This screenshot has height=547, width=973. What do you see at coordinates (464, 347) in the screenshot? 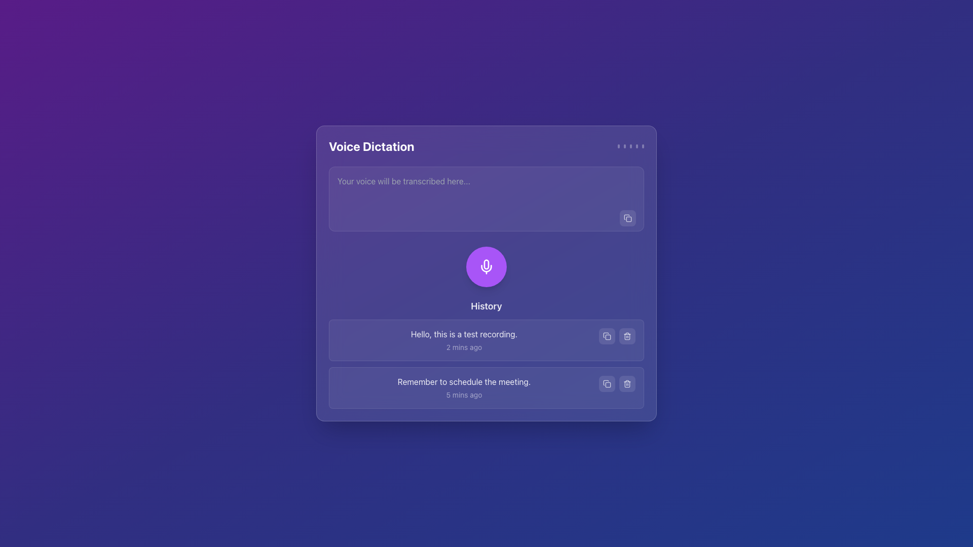
I see `the static text label that provides a timestamp for the associated recording, located below the text 'Hello, this is a test recording' in the 'History' section` at bounding box center [464, 347].